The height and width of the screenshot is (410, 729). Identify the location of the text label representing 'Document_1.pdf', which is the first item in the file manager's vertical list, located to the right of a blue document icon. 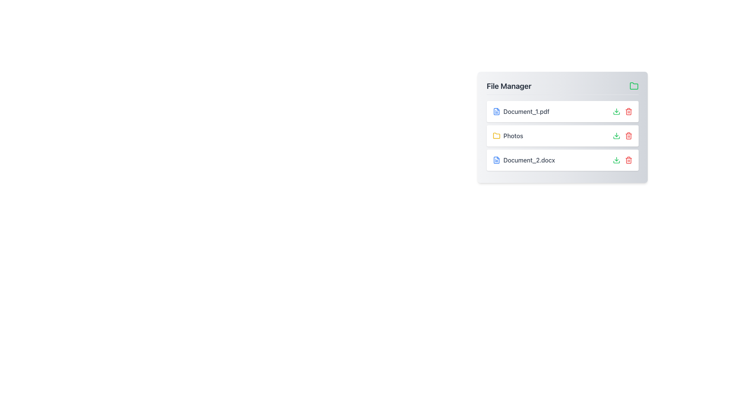
(526, 111).